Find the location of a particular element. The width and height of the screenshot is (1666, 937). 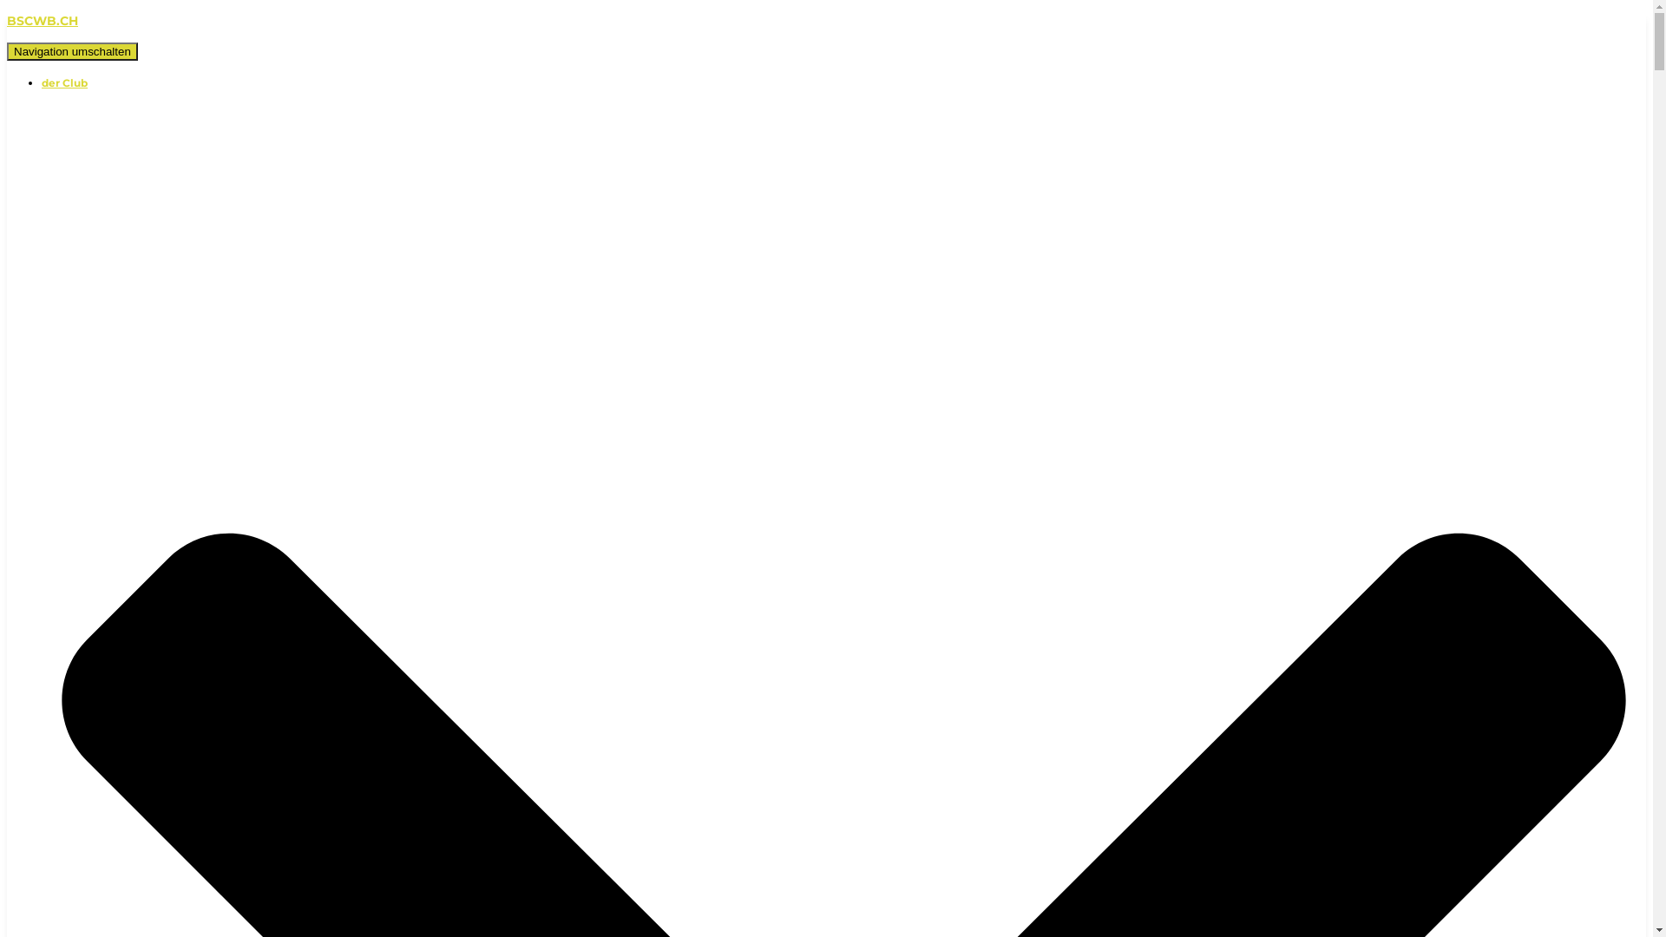

'Navigation umschalten' is located at coordinates (71, 50).